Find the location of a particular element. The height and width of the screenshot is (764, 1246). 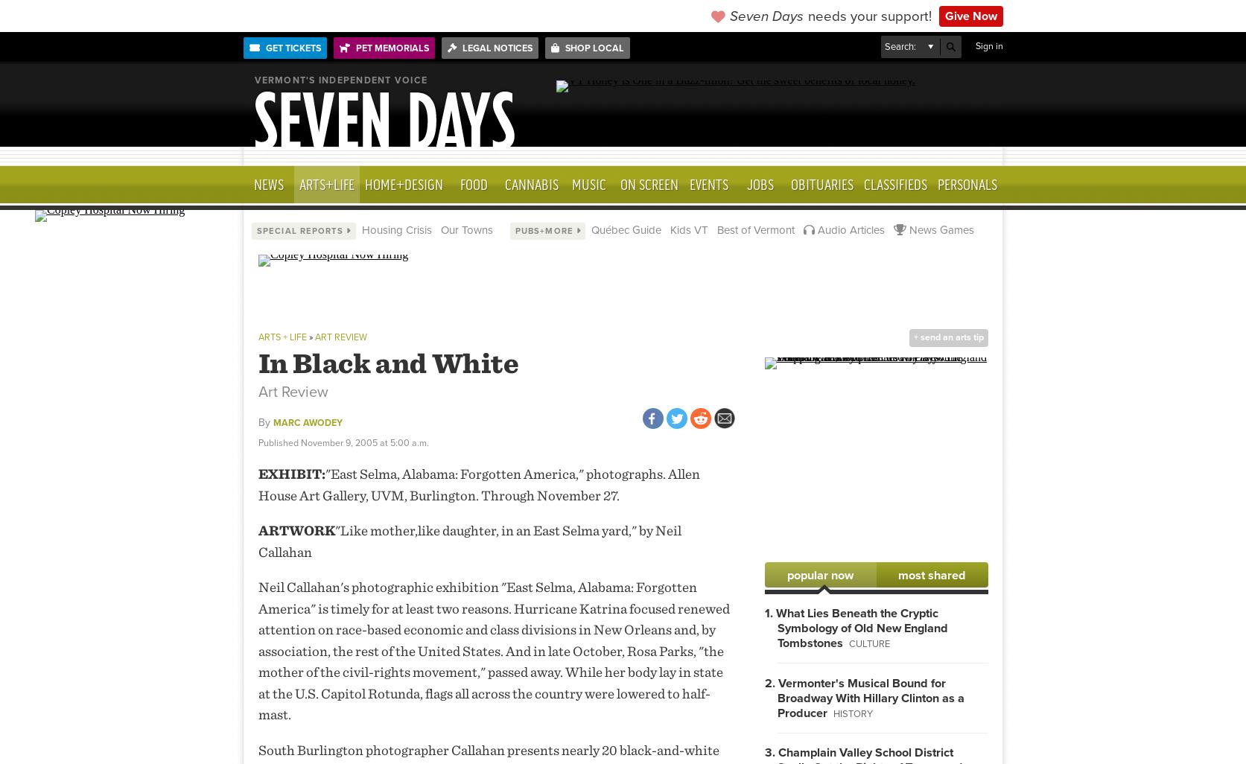

'Vermont's Independent Voice' is located at coordinates (340, 80).